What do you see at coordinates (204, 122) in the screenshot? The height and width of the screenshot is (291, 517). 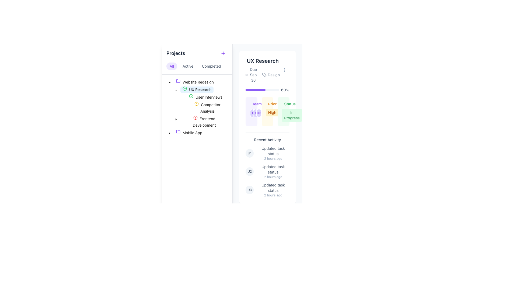 I see `the 'Frontend Development' task node in the project hierarchy under 'Website Redesign'` at bounding box center [204, 122].